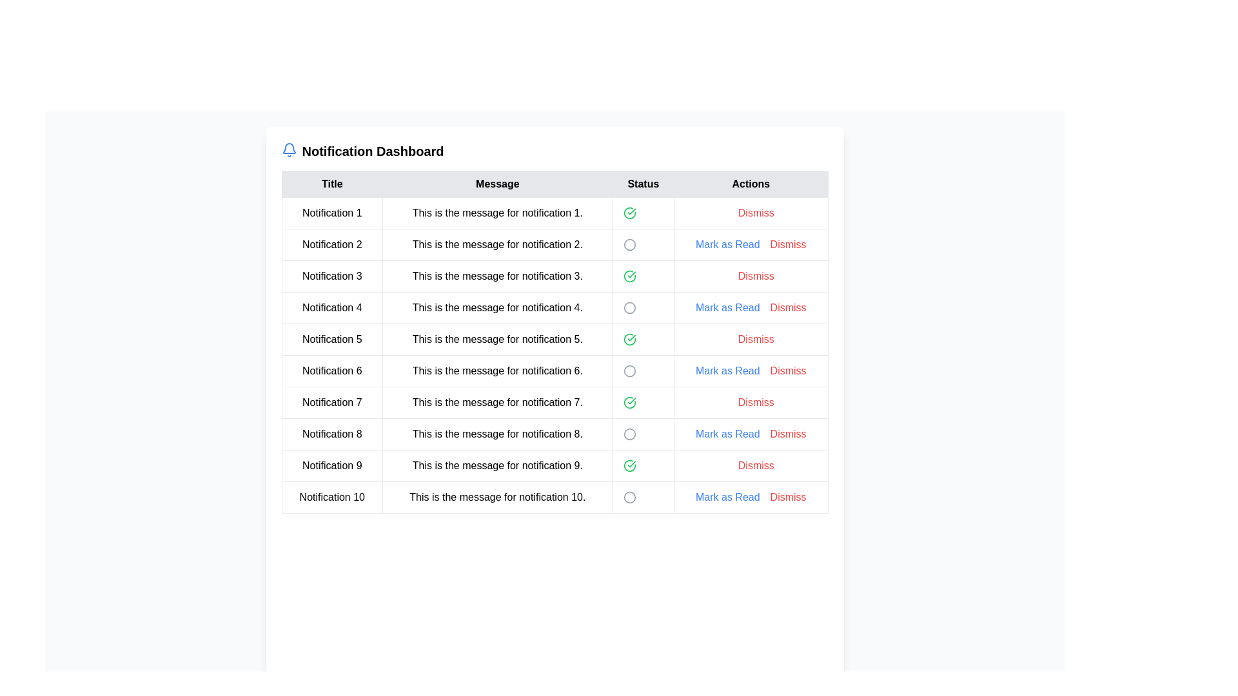 The height and width of the screenshot is (696, 1238). Describe the element at coordinates (372, 151) in the screenshot. I see `the prominent bold text header reading 'Notification Dashboard' located to the right of the bell icon at the top section of the interface` at that location.